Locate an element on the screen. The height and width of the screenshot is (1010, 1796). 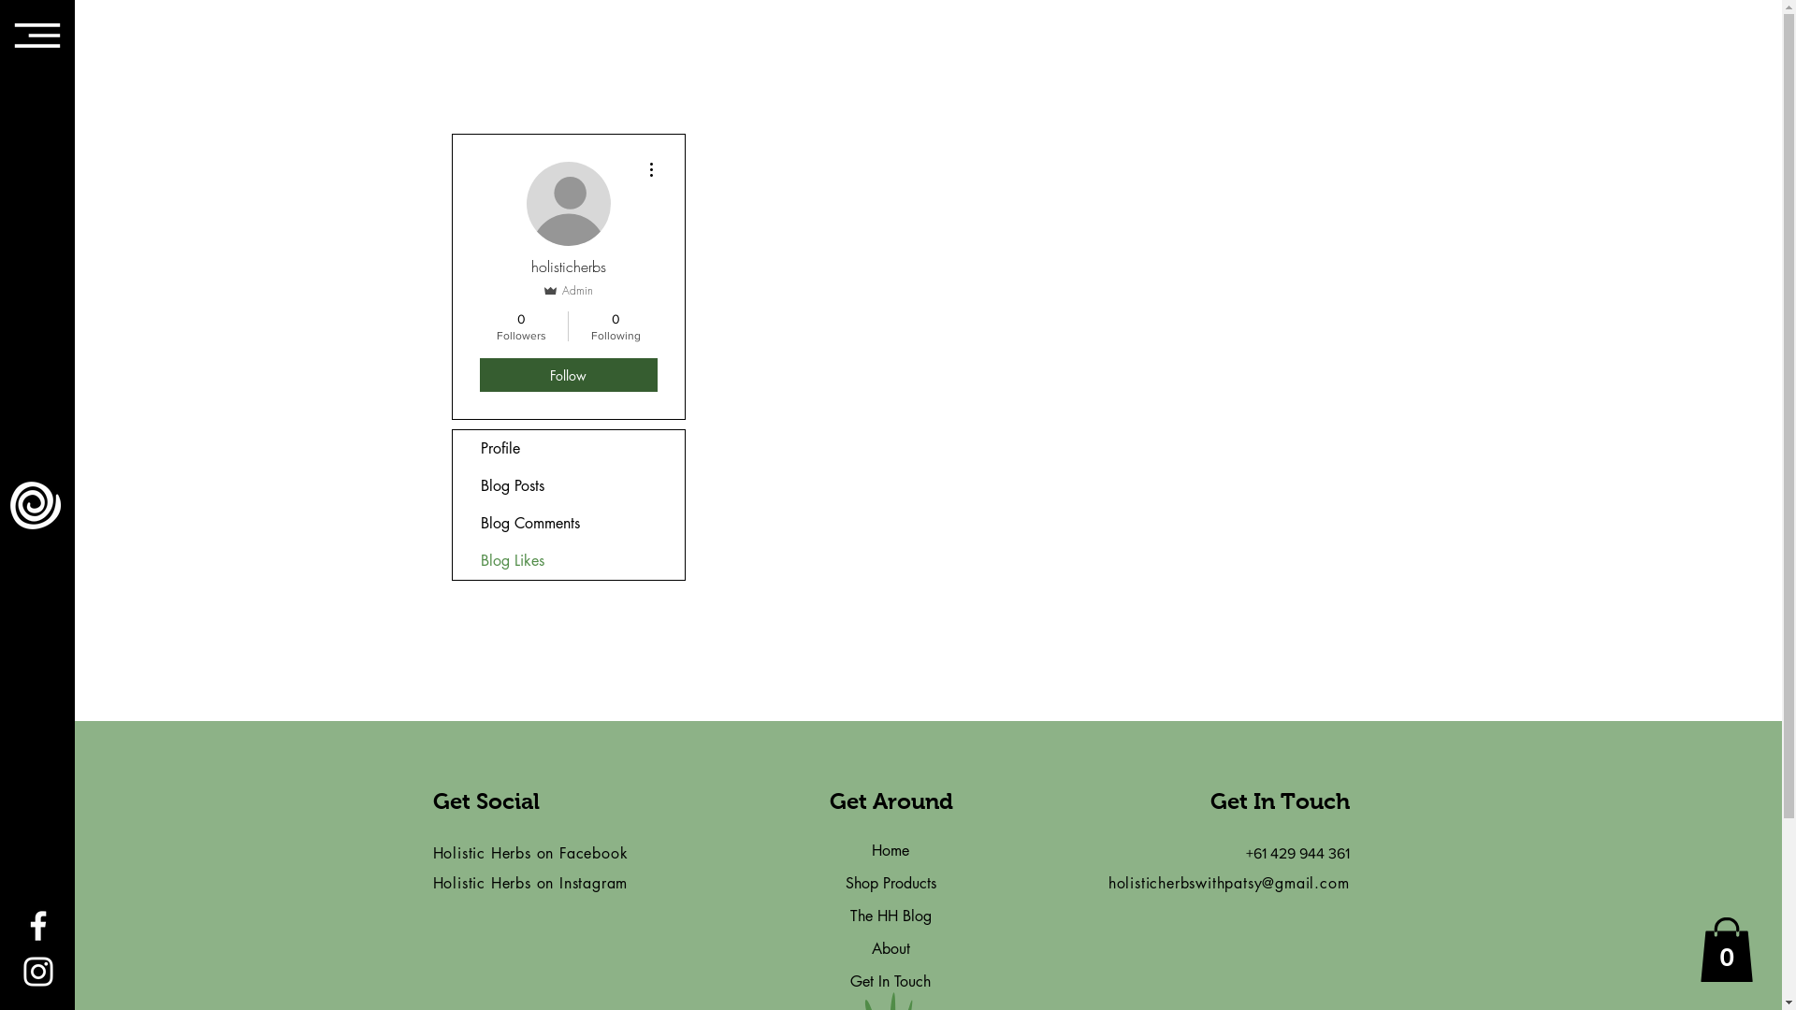
'Blog Posts' is located at coordinates (568, 485).